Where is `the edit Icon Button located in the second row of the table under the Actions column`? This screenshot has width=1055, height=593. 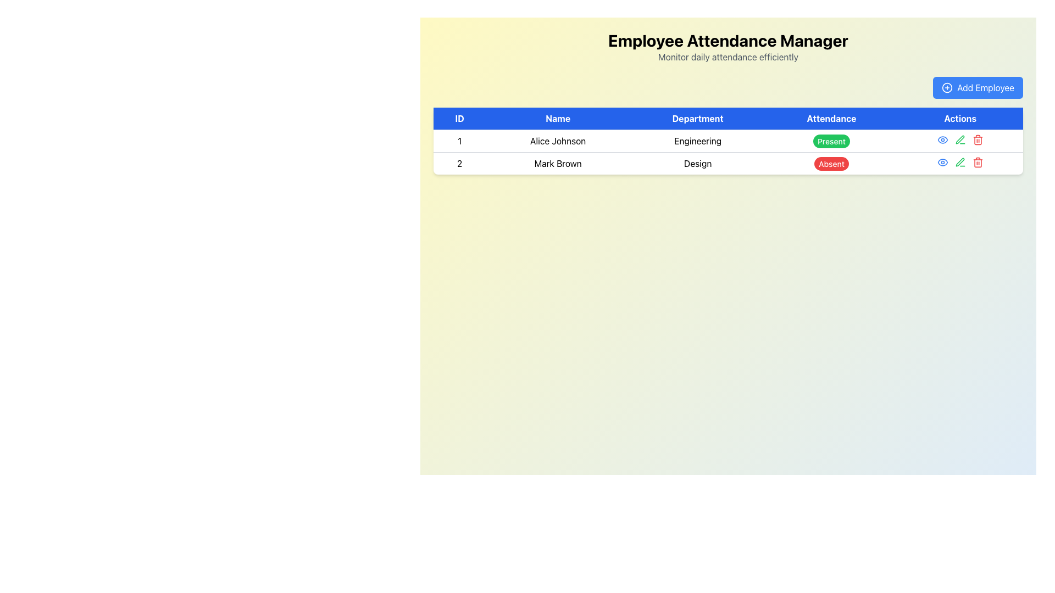
the edit Icon Button located in the second row of the table under the Actions column is located at coordinates (959, 162).